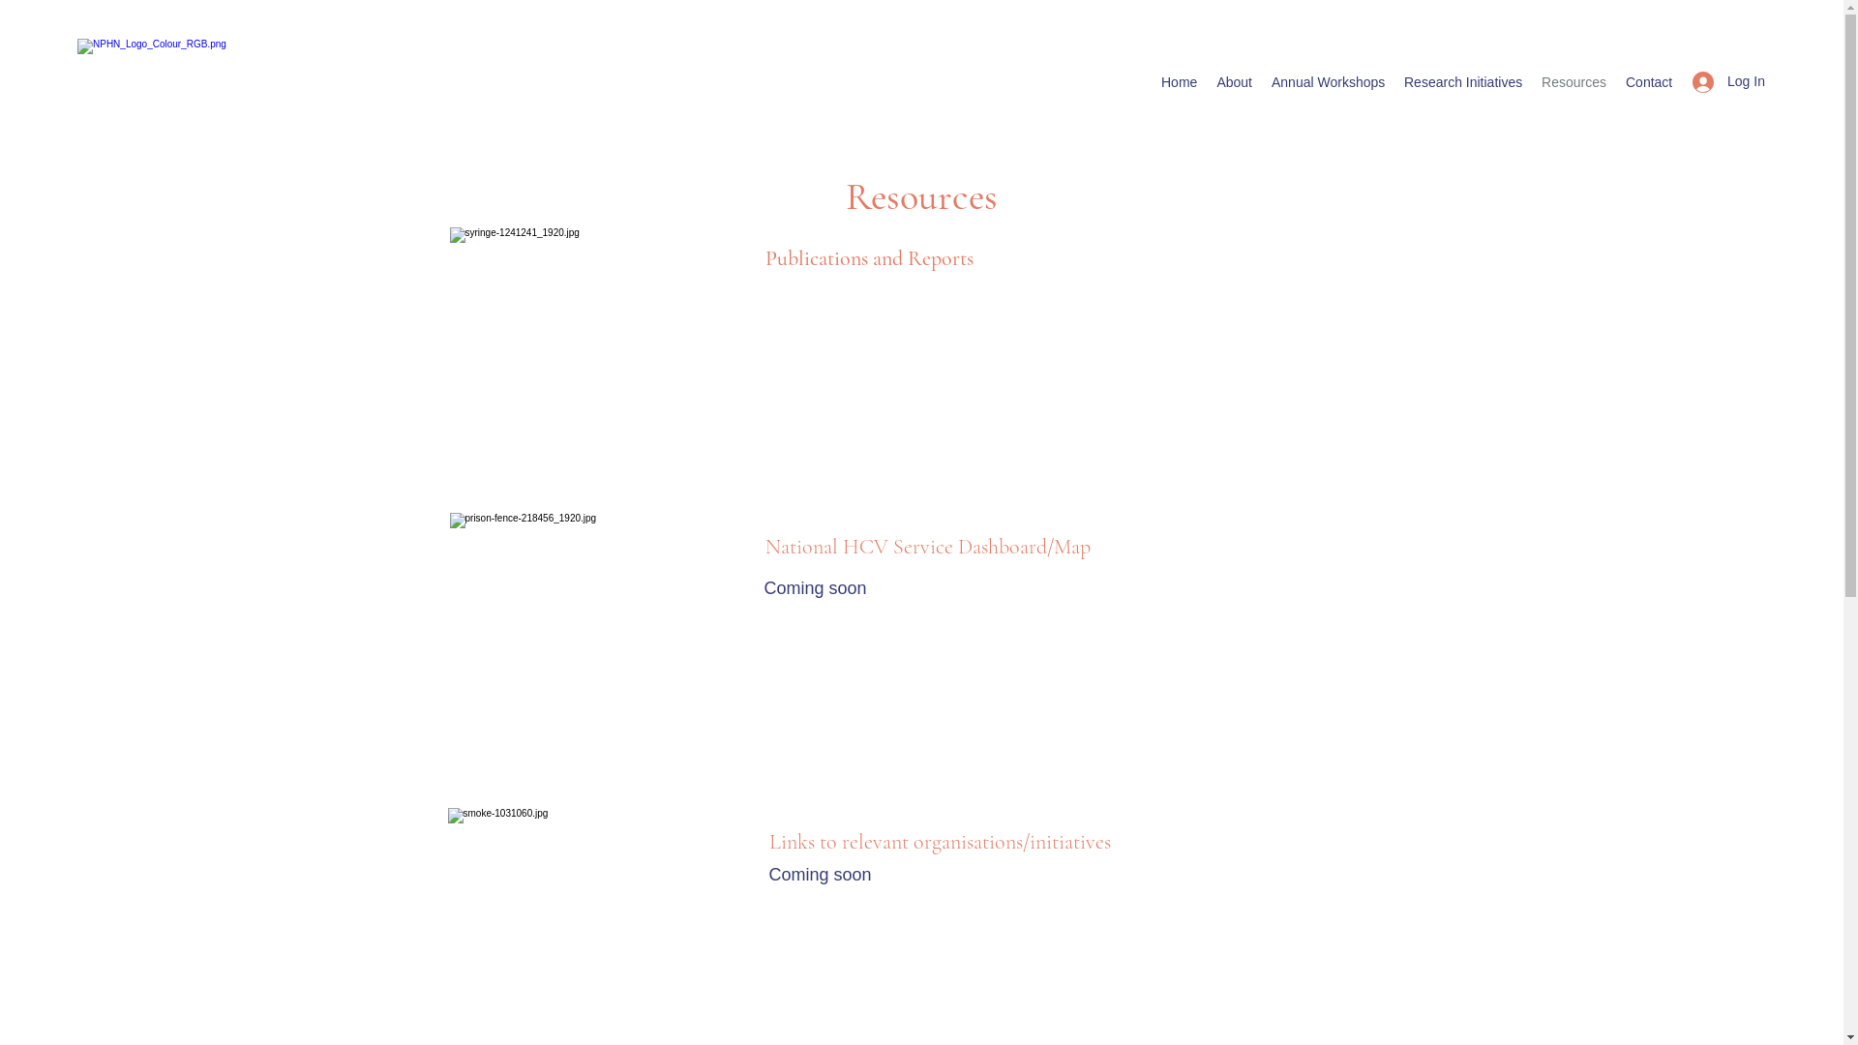 The width and height of the screenshot is (1858, 1045). Describe the element at coordinates (1677, 80) in the screenshot. I see `'Log In'` at that location.